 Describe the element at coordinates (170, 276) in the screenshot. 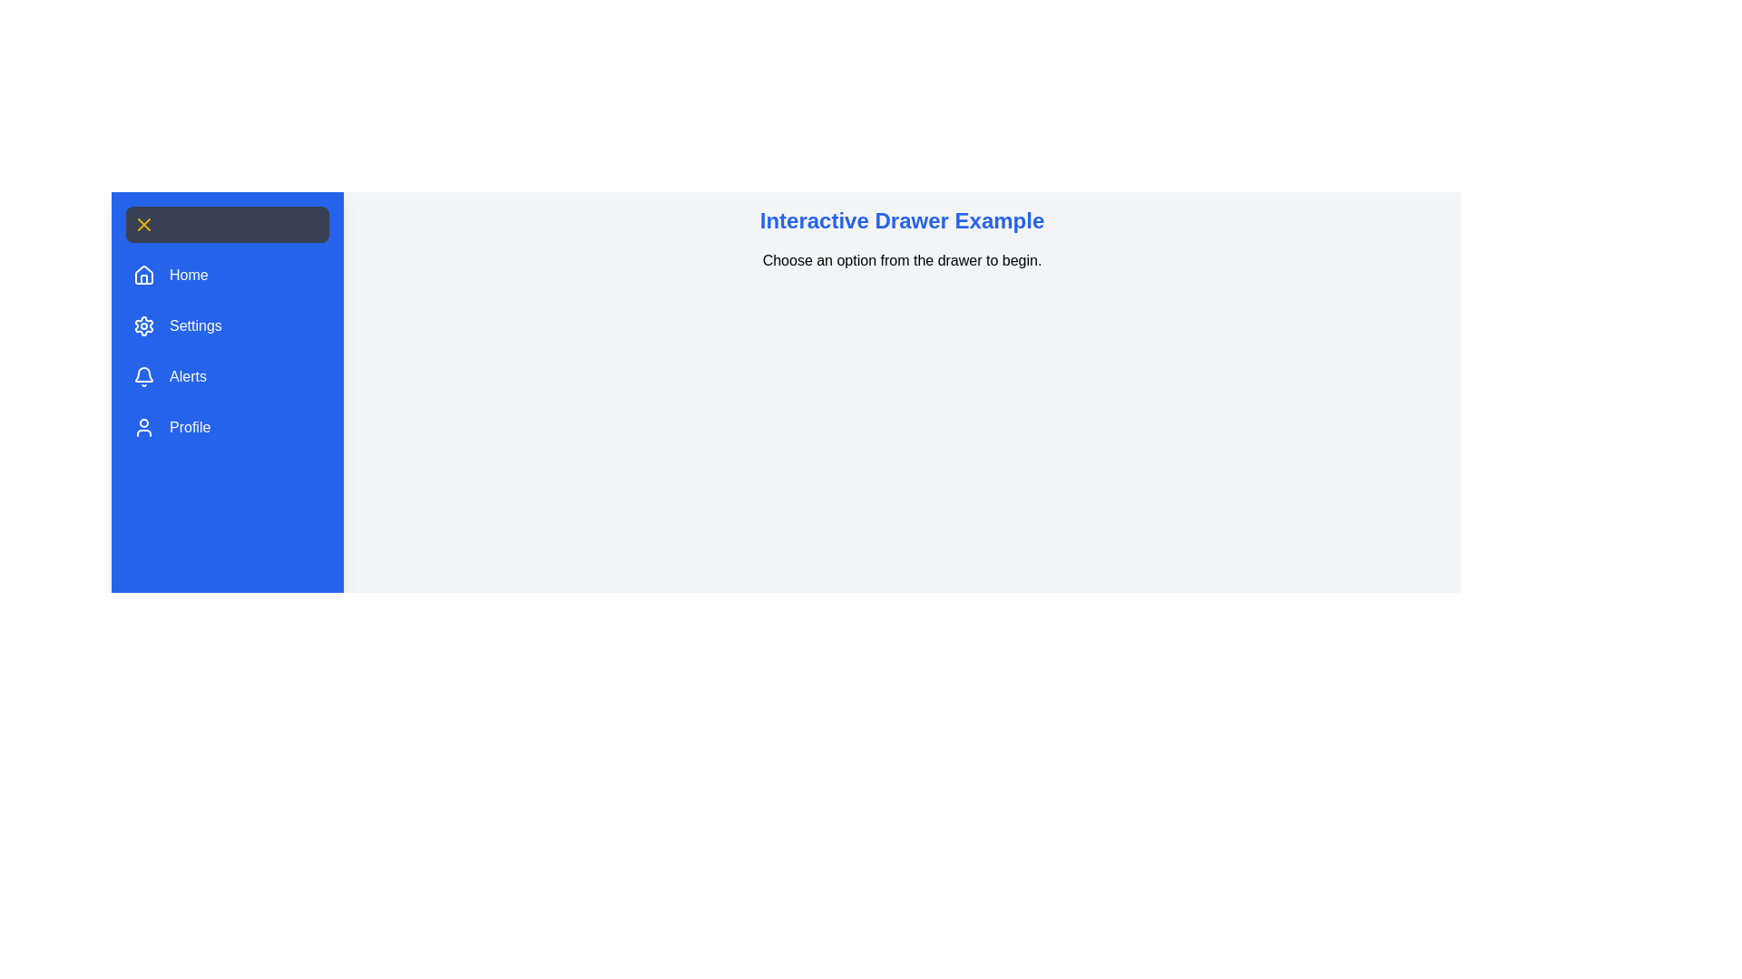

I see `the 'Home' button in the drawer` at that location.